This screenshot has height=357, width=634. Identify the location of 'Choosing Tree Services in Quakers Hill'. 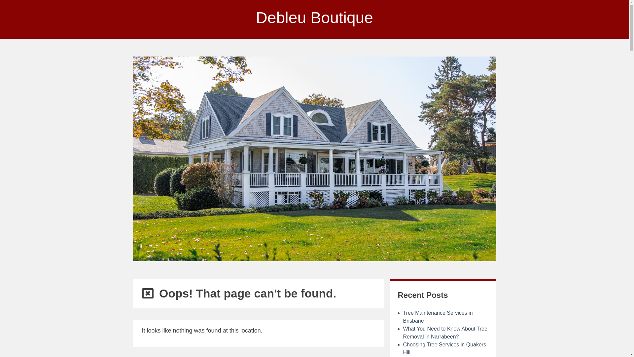
(444, 348).